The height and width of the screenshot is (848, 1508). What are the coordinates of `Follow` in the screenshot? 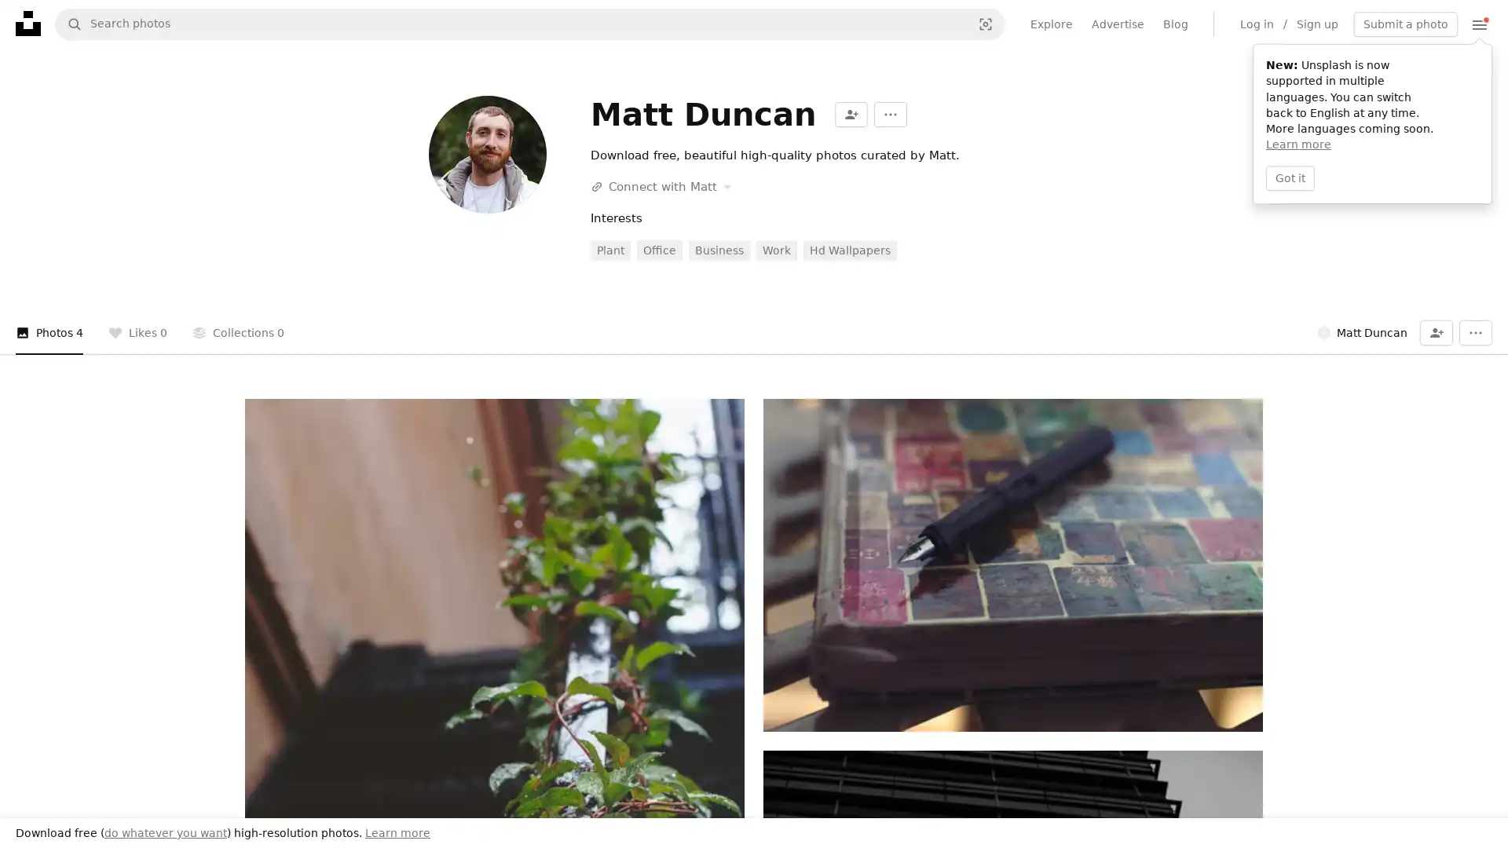 It's located at (850, 114).